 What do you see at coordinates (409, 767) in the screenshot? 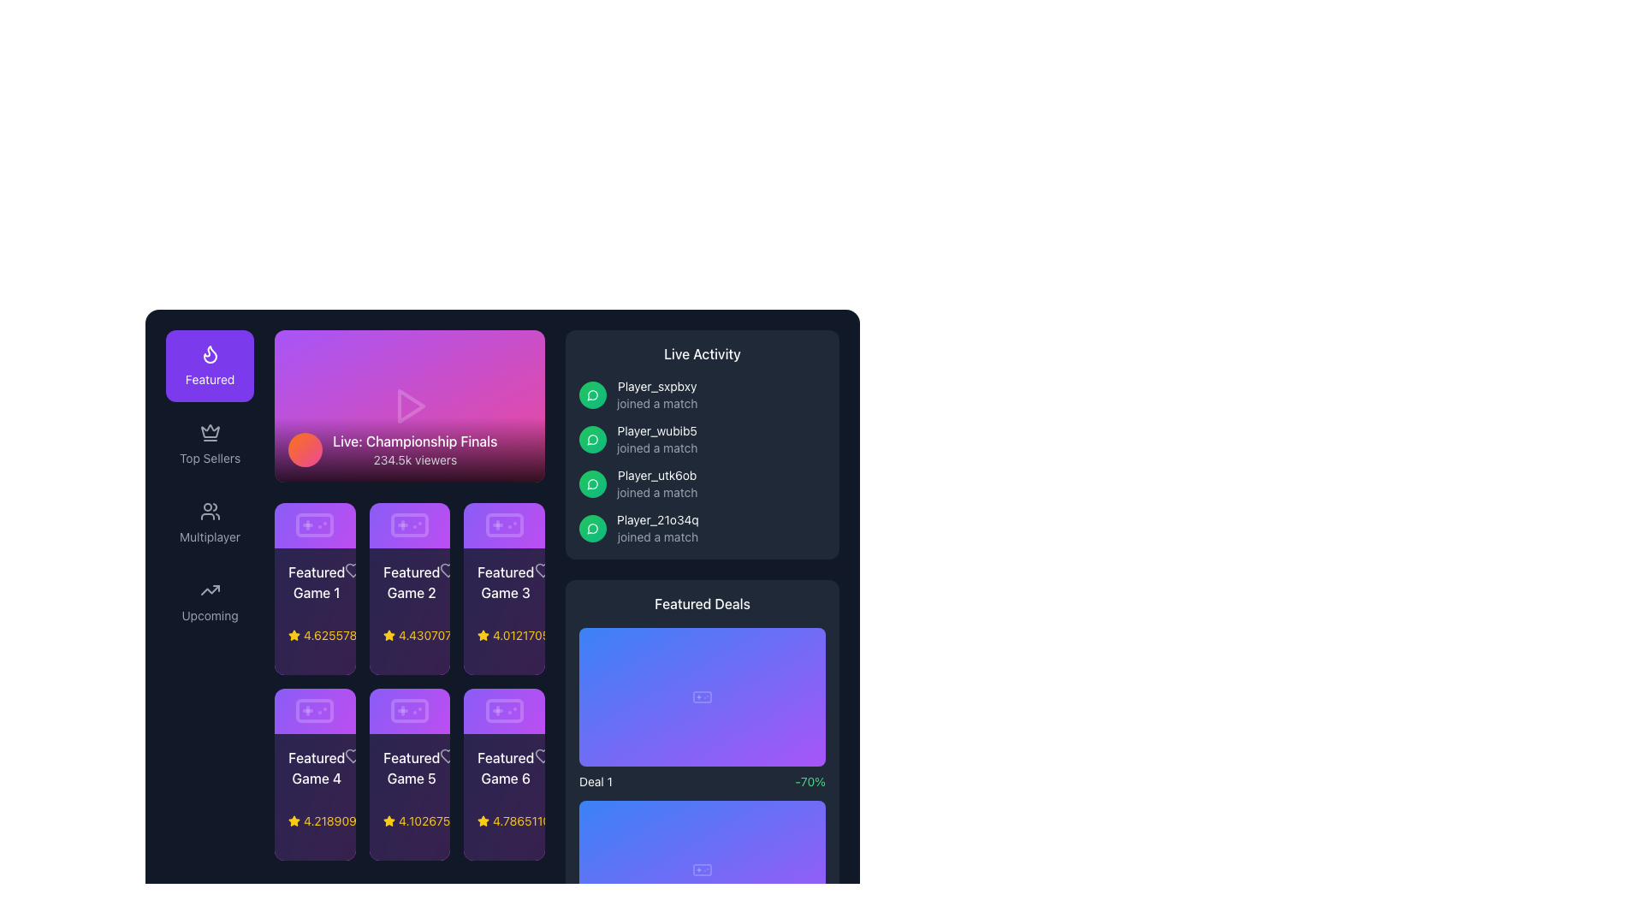
I see `the title text element of the middle card in the second row of the featured games section, which indicates the name of the game` at bounding box center [409, 767].